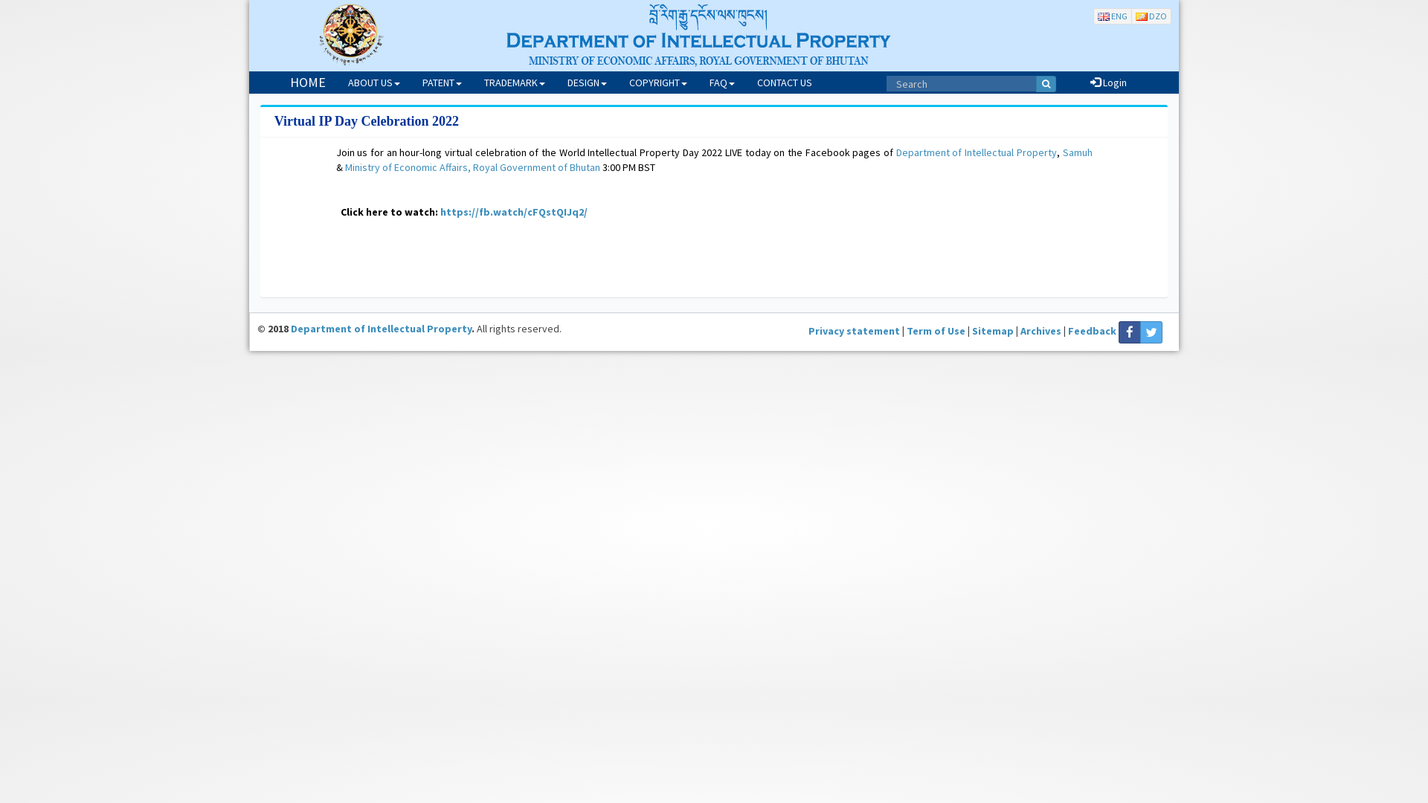 Image resolution: width=1428 pixels, height=803 pixels. Describe the element at coordinates (1078, 152) in the screenshot. I see `'Samuh'` at that location.